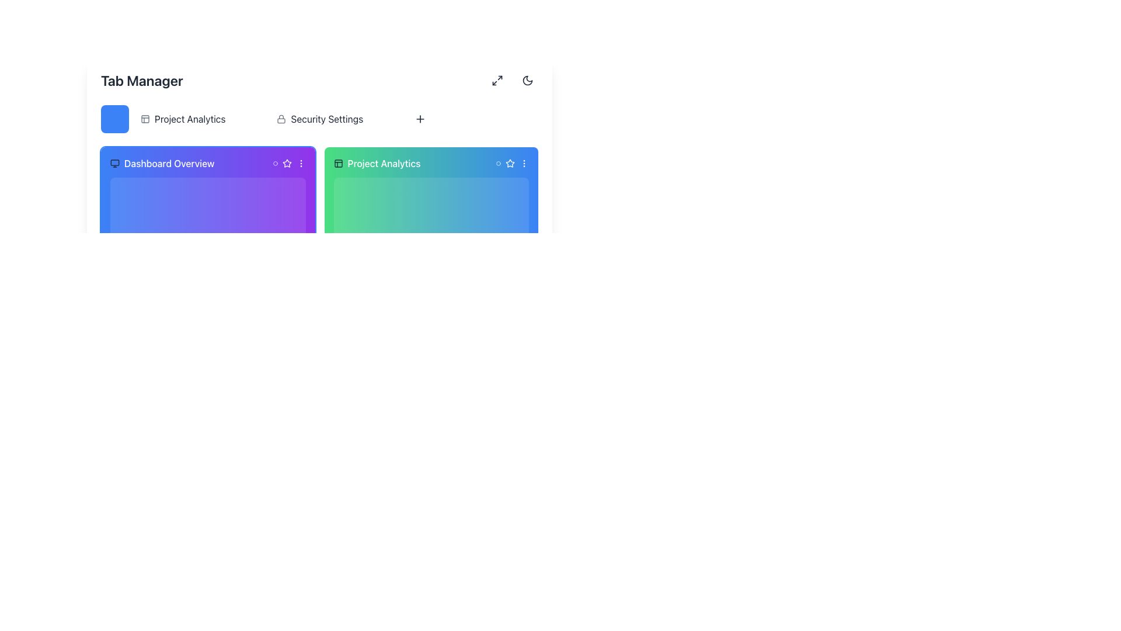  I want to click on the Star icon button located in the upper-right corner of the 'Project Analytics' card, so click(513, 164).